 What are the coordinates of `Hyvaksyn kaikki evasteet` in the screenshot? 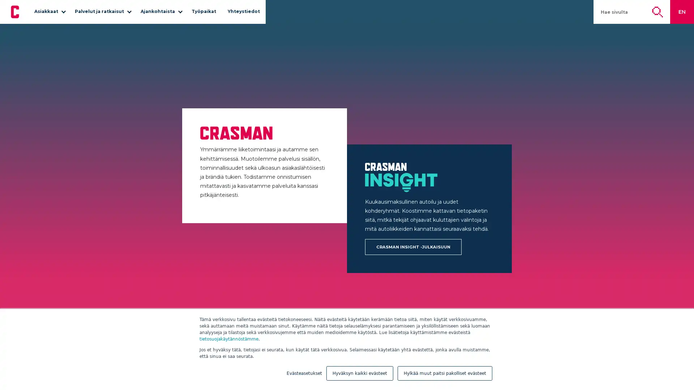 It's located at (360, 373).